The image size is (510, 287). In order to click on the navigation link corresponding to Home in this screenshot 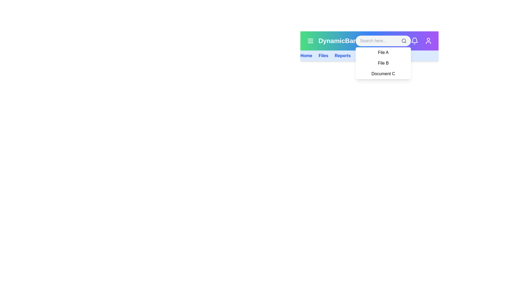, I will do `click(306, 56)`.